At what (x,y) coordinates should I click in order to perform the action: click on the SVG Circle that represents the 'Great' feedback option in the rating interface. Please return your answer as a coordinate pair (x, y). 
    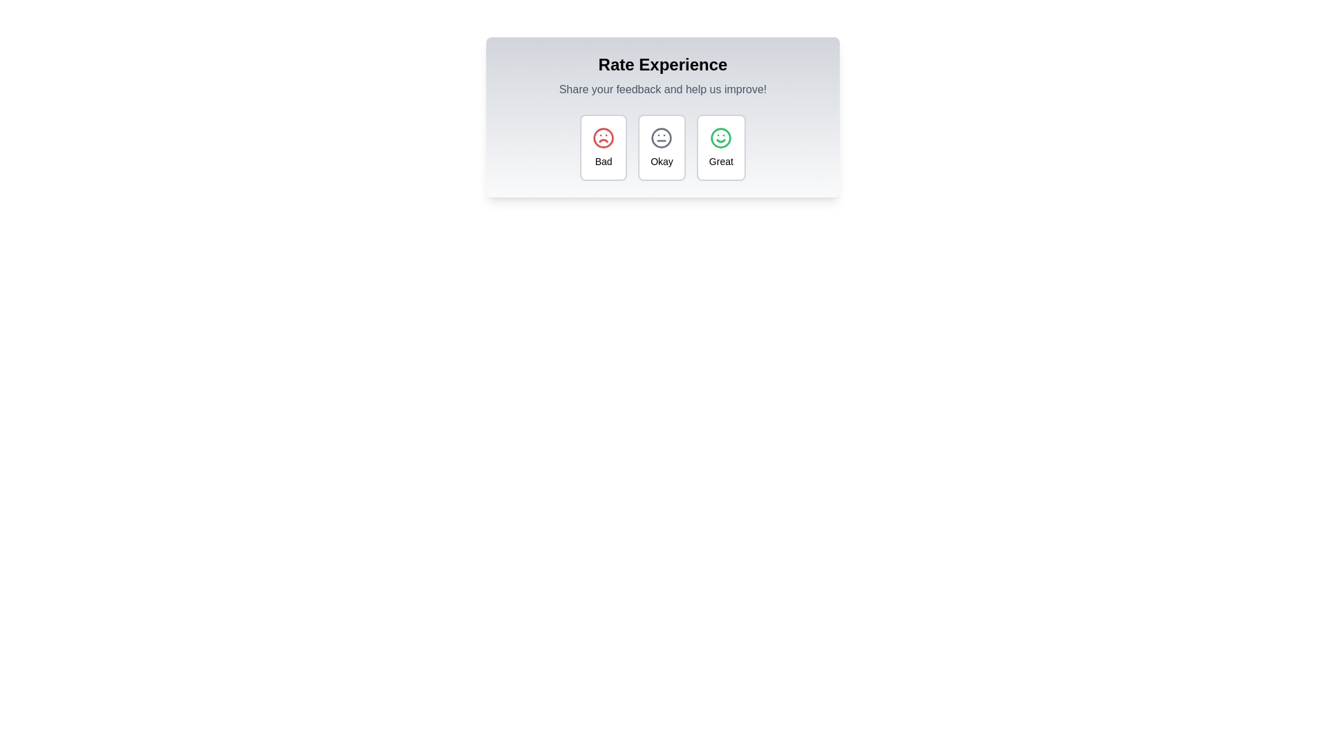
    Looking at the image, I should click on (720, 138).